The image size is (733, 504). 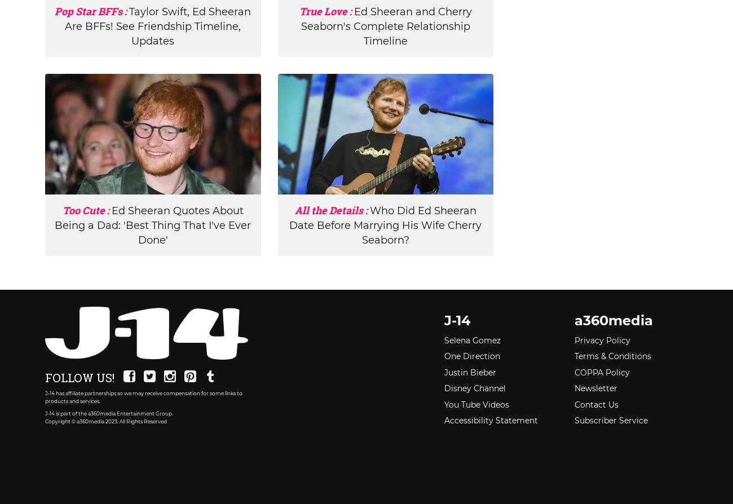 I want to click on 'J-14 has affiliate partnerships so we may receive compensation for some links to products and services.', so click(x=143, y=396).